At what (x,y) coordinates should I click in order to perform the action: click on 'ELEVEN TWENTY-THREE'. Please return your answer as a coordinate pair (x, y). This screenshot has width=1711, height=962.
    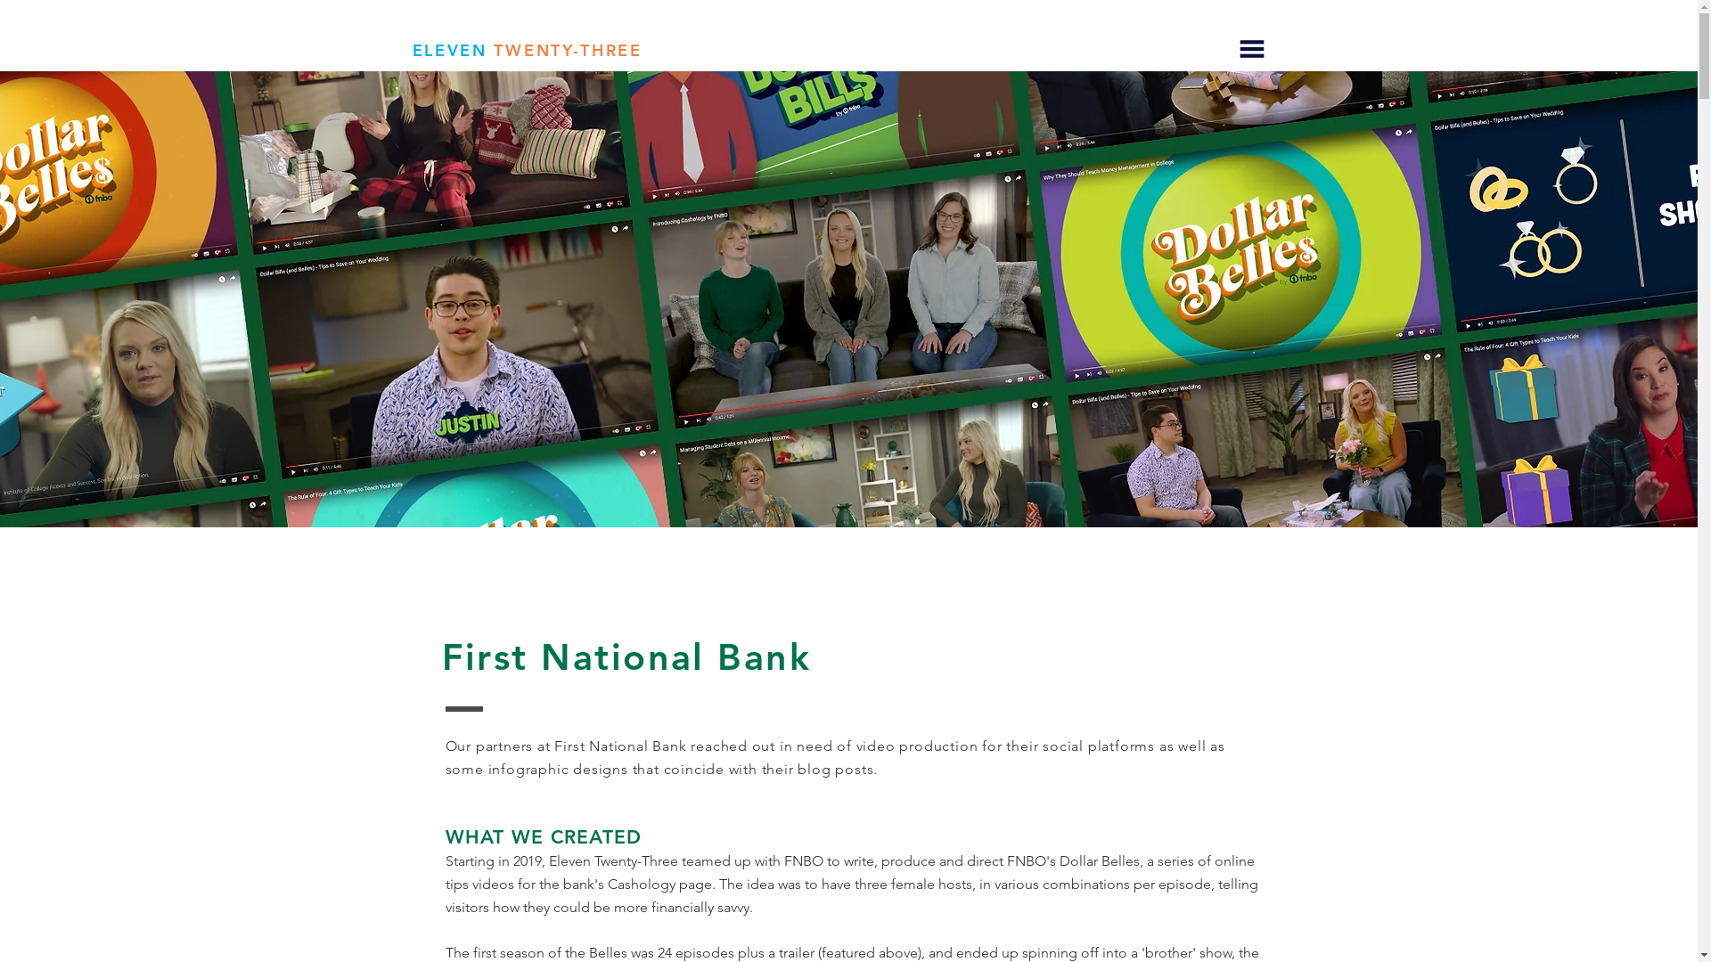
    Looking at the image, I should click on (525, 50).